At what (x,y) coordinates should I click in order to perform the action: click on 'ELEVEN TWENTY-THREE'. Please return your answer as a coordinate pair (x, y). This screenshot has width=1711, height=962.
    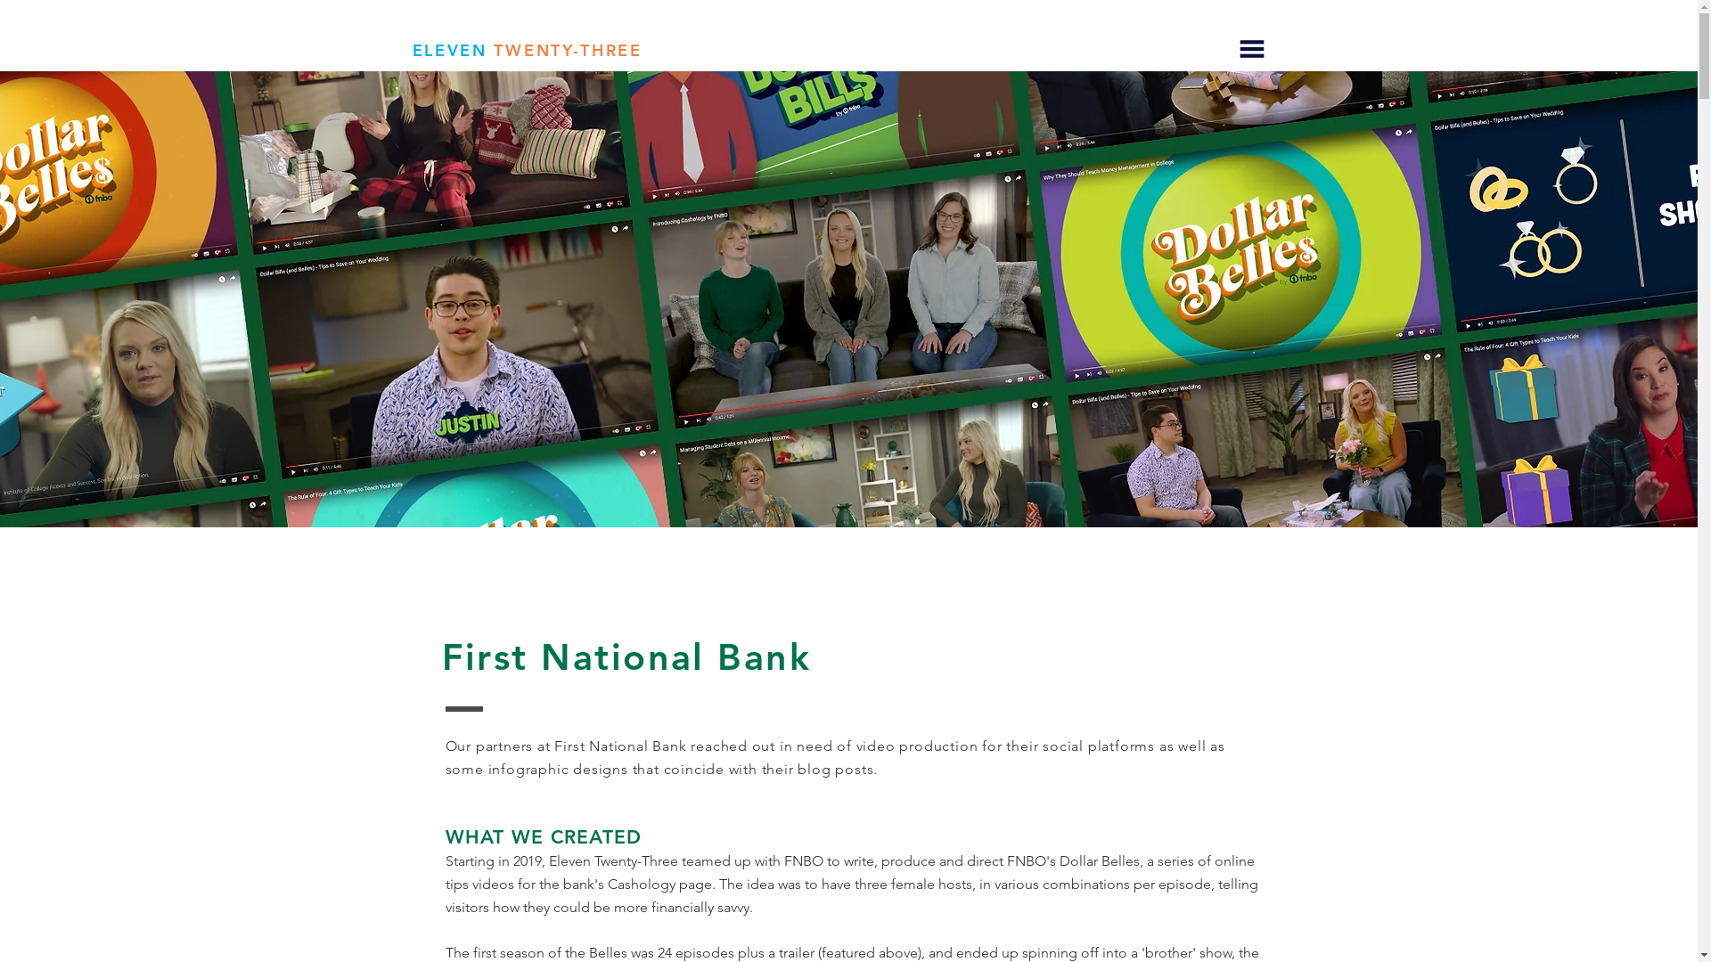
    Looking at the image, I should click on (525, 50).